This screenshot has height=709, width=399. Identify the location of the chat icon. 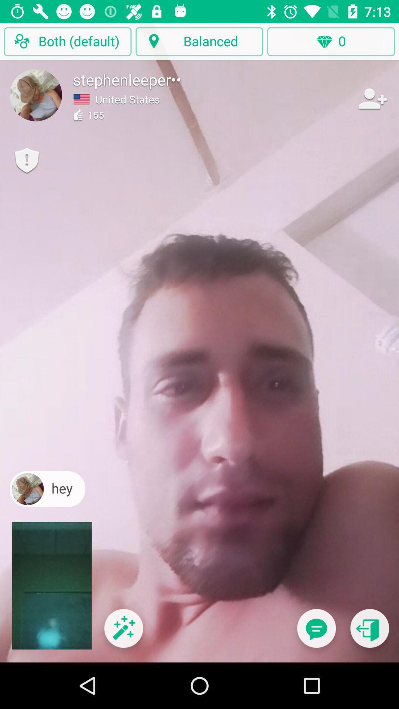
(316, 633).